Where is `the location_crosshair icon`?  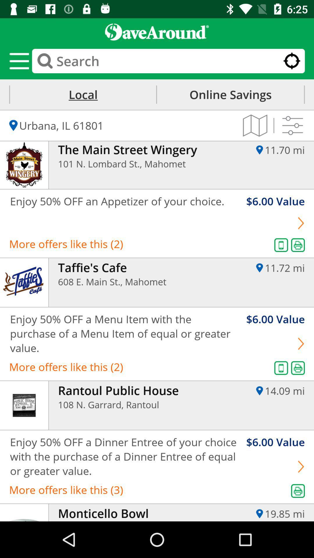 the location_crosshair icon is located at coordinates (292, 61).